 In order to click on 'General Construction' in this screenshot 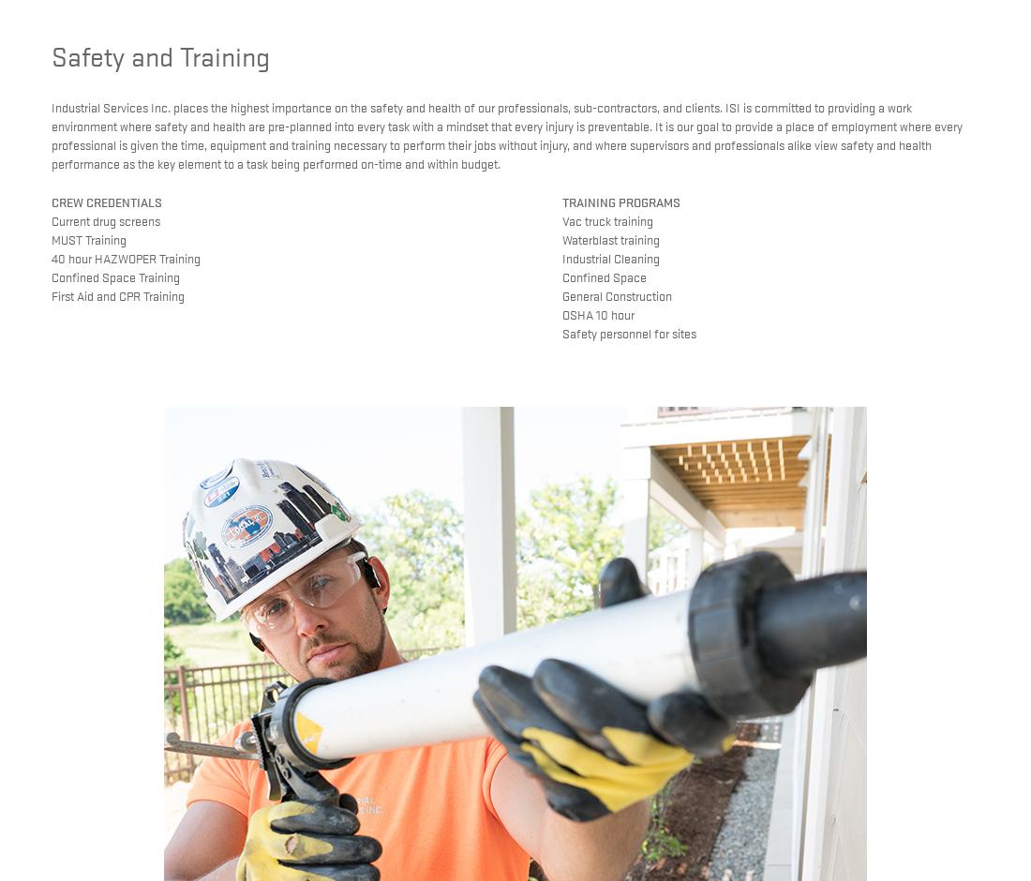, I will do `click(616, 294)`.